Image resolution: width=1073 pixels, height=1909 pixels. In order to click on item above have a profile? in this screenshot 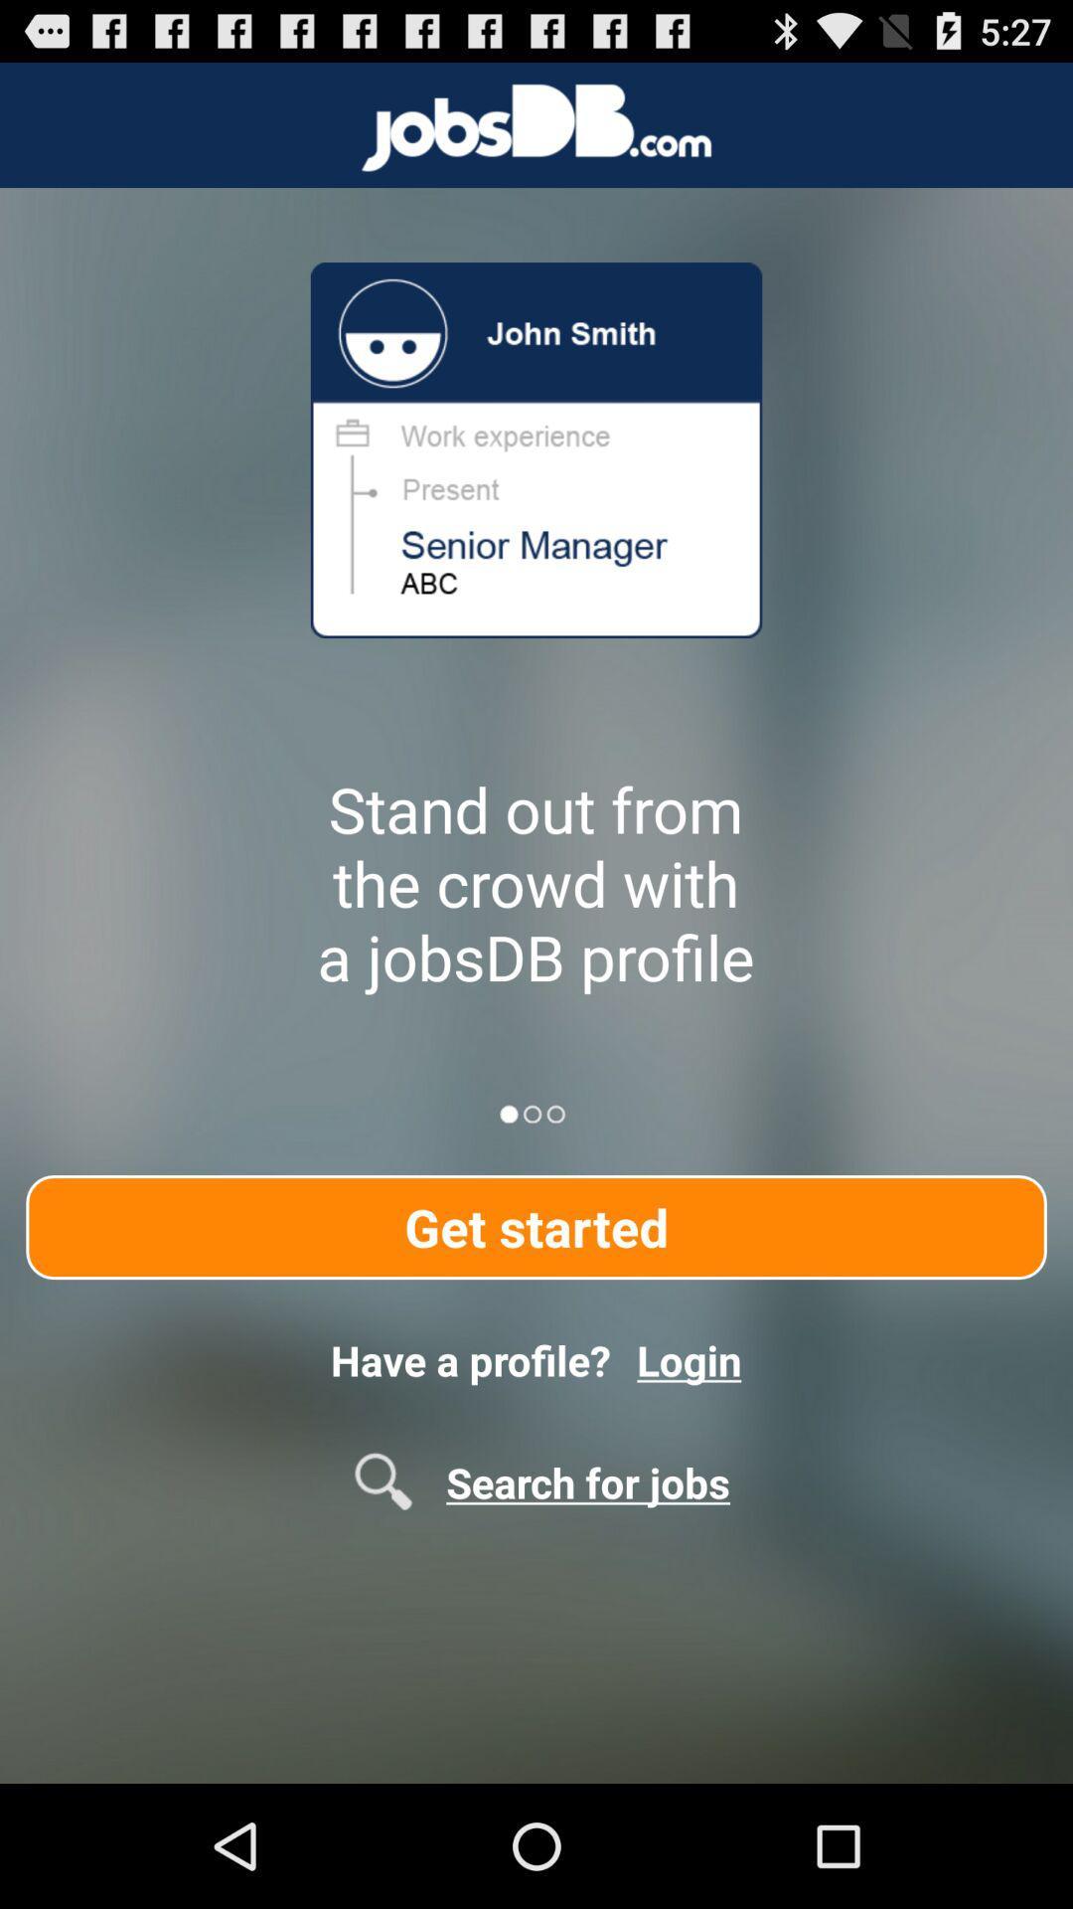, I will do `click(536, 1226)`.